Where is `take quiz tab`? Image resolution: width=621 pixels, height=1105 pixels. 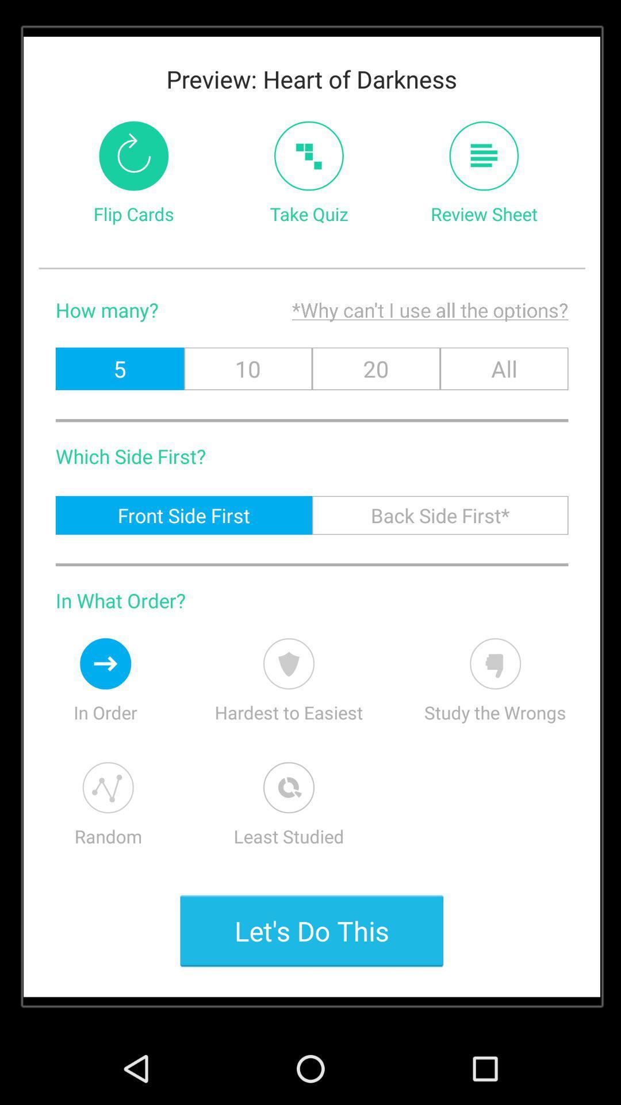
take quiz tab is located at coordinates (308, 155).